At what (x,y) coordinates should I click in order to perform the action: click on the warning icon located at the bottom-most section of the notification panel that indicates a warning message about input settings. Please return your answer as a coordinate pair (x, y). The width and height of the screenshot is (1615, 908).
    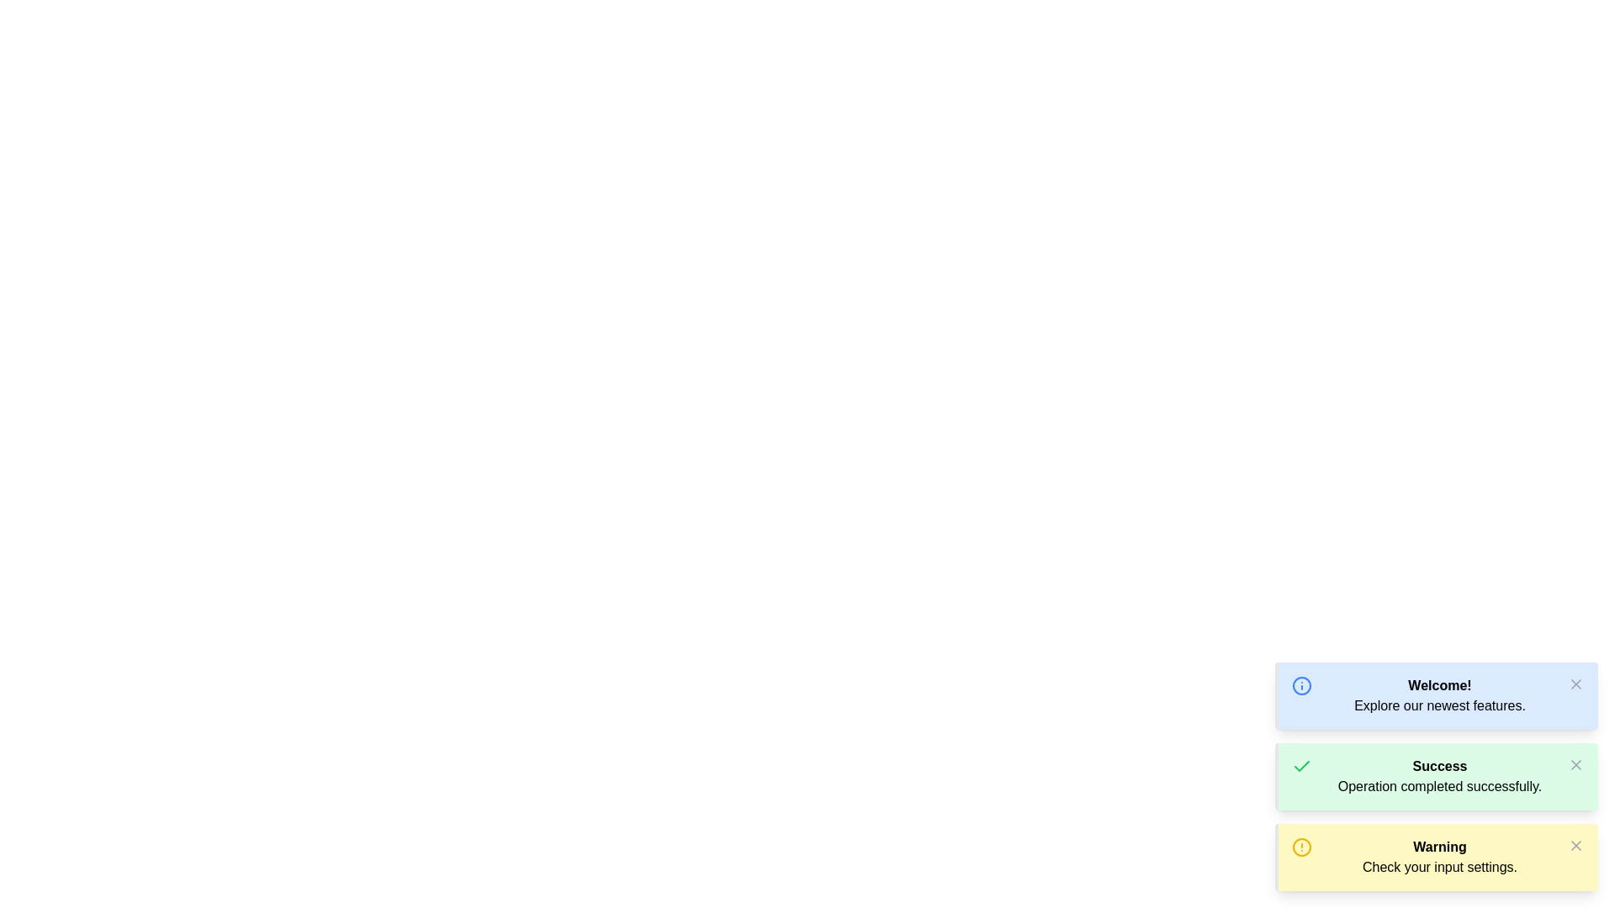
    Looking at the image, I should click on (1301, 847).